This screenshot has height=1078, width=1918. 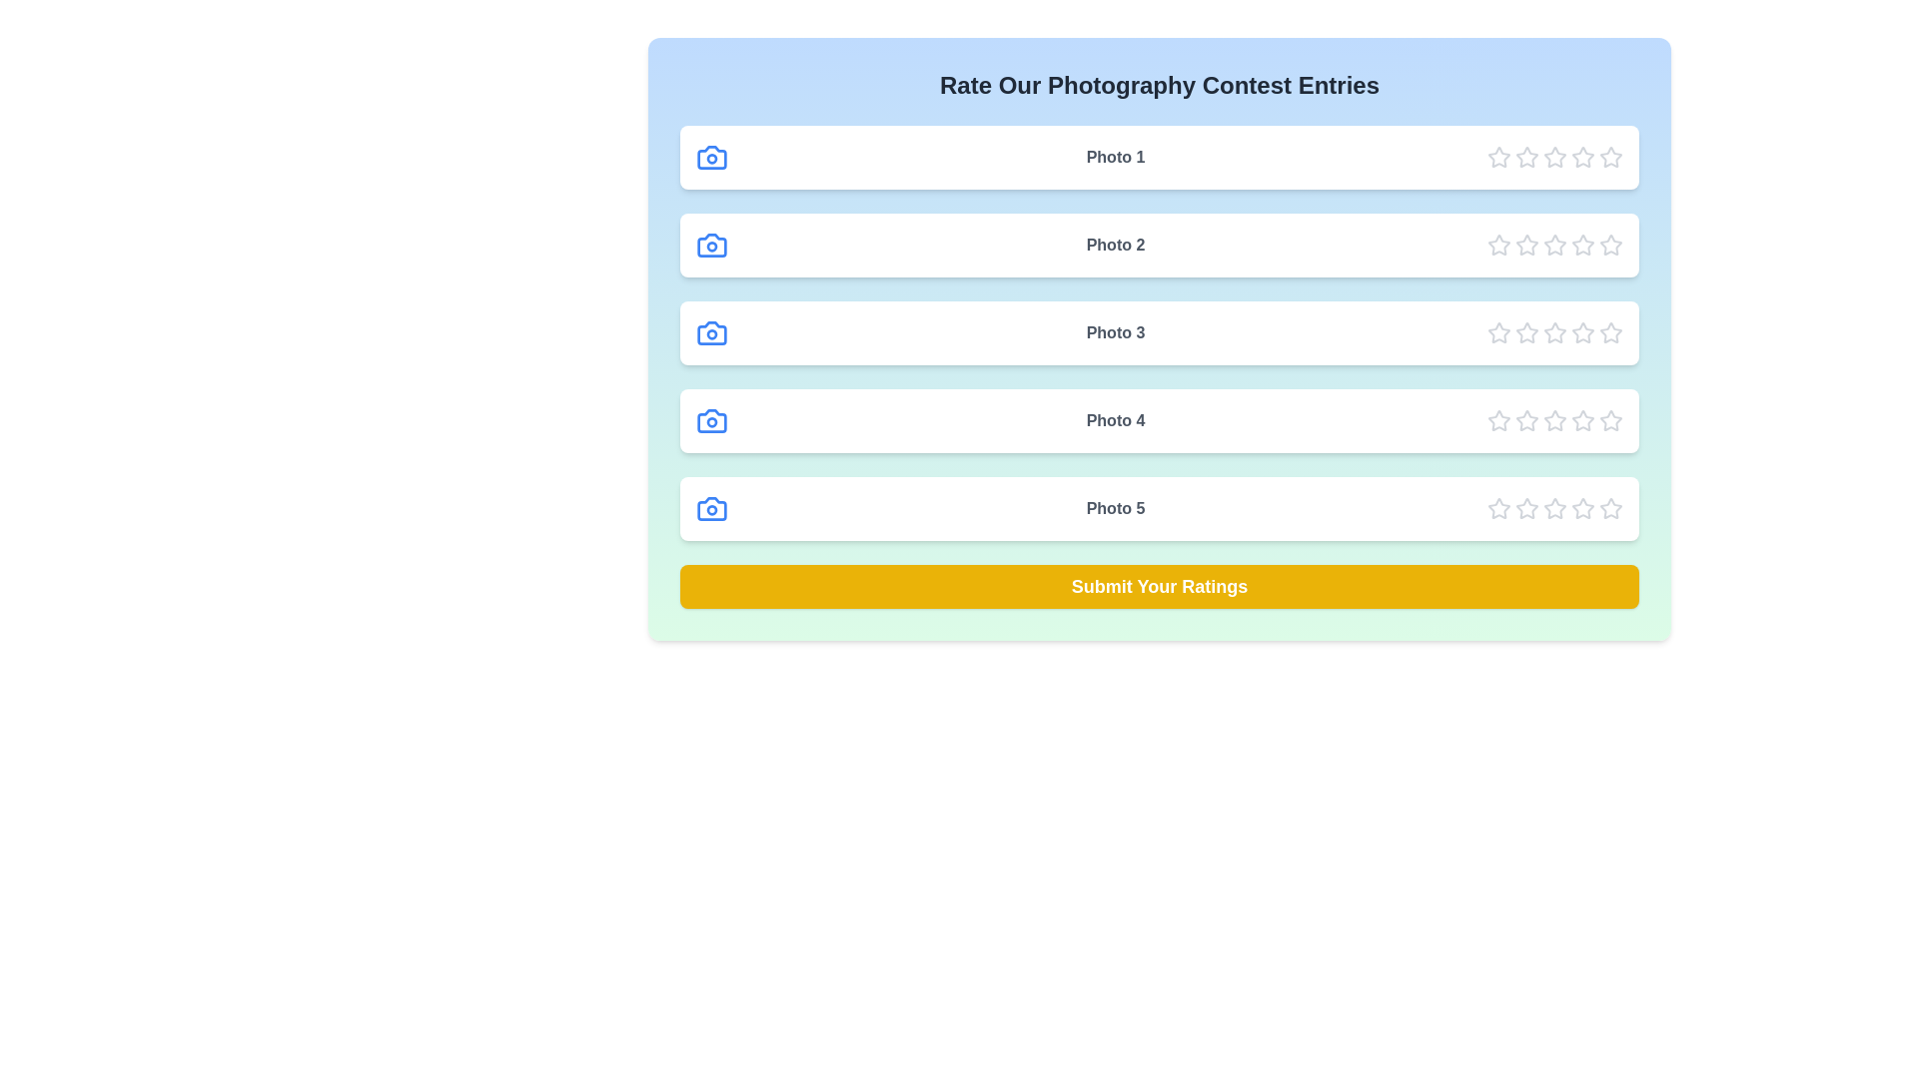 What do you see at coordinates (1115, 419) in the screenshot?
I see `the photo title Photo 4 to select or highlight it` at bounding box center [1115, 419].